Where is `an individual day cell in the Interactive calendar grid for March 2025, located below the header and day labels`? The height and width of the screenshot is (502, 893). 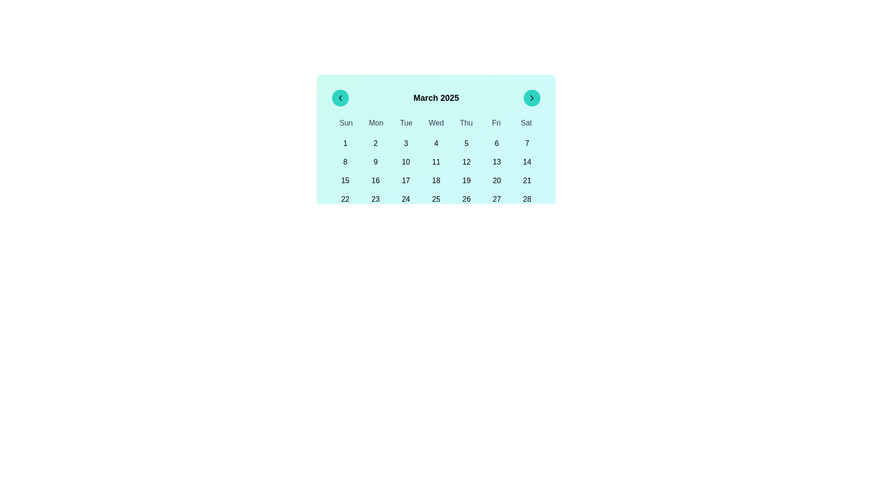 an individual day cell in the Interactive calendar grid for March 2025, located below the header and day labels is located at coordinates (435, 181).